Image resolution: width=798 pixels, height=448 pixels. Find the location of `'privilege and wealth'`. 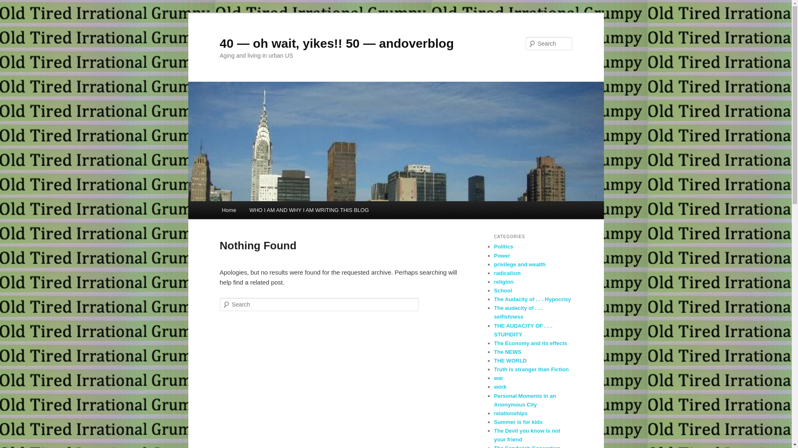

'privilege and wealth' is located at coordinates (519, 264).